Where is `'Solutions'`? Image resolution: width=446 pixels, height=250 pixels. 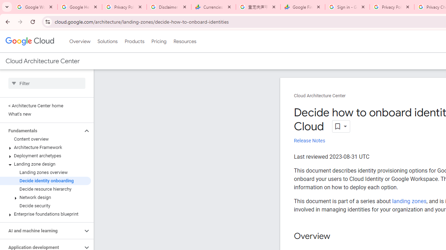 'Solutions' is located at coordinates (107, 41).